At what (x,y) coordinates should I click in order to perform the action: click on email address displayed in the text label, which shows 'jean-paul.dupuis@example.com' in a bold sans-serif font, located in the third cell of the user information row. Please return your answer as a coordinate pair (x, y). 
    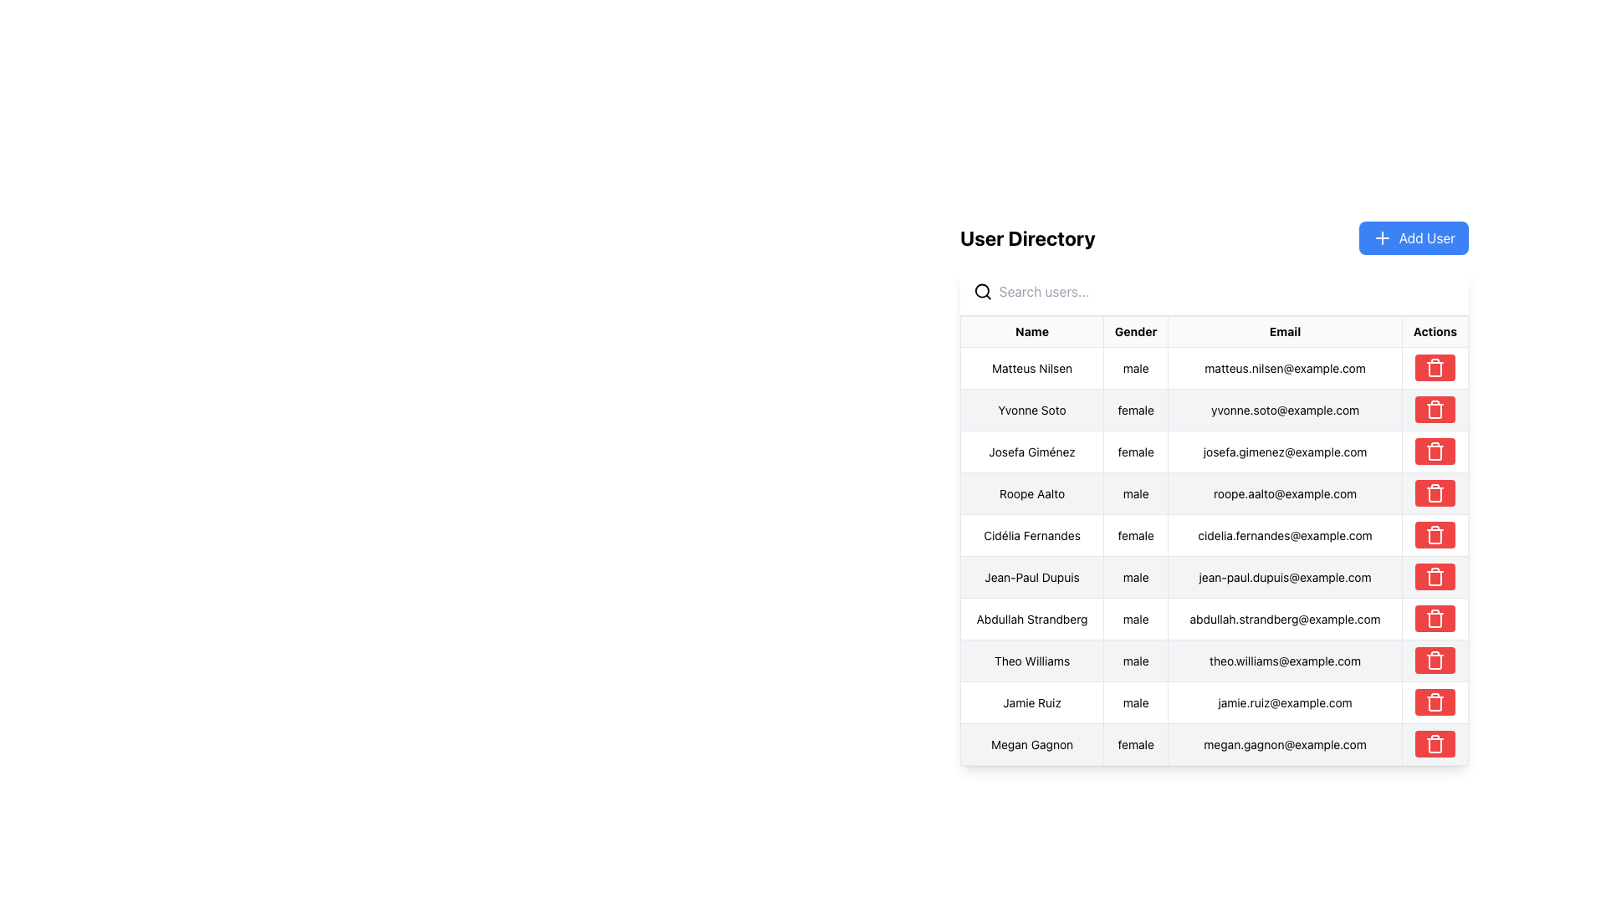
    Looking at the image, I should click on (1284, 576).